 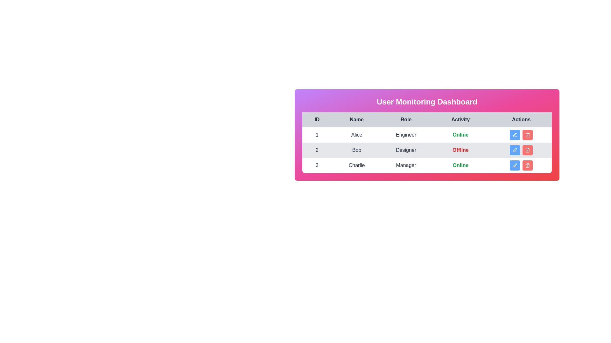 What do you see at coordinates (357, 134) in the screenshot?
I see `the user name Alice to select or edit their name` at bounding box center [357, 134].